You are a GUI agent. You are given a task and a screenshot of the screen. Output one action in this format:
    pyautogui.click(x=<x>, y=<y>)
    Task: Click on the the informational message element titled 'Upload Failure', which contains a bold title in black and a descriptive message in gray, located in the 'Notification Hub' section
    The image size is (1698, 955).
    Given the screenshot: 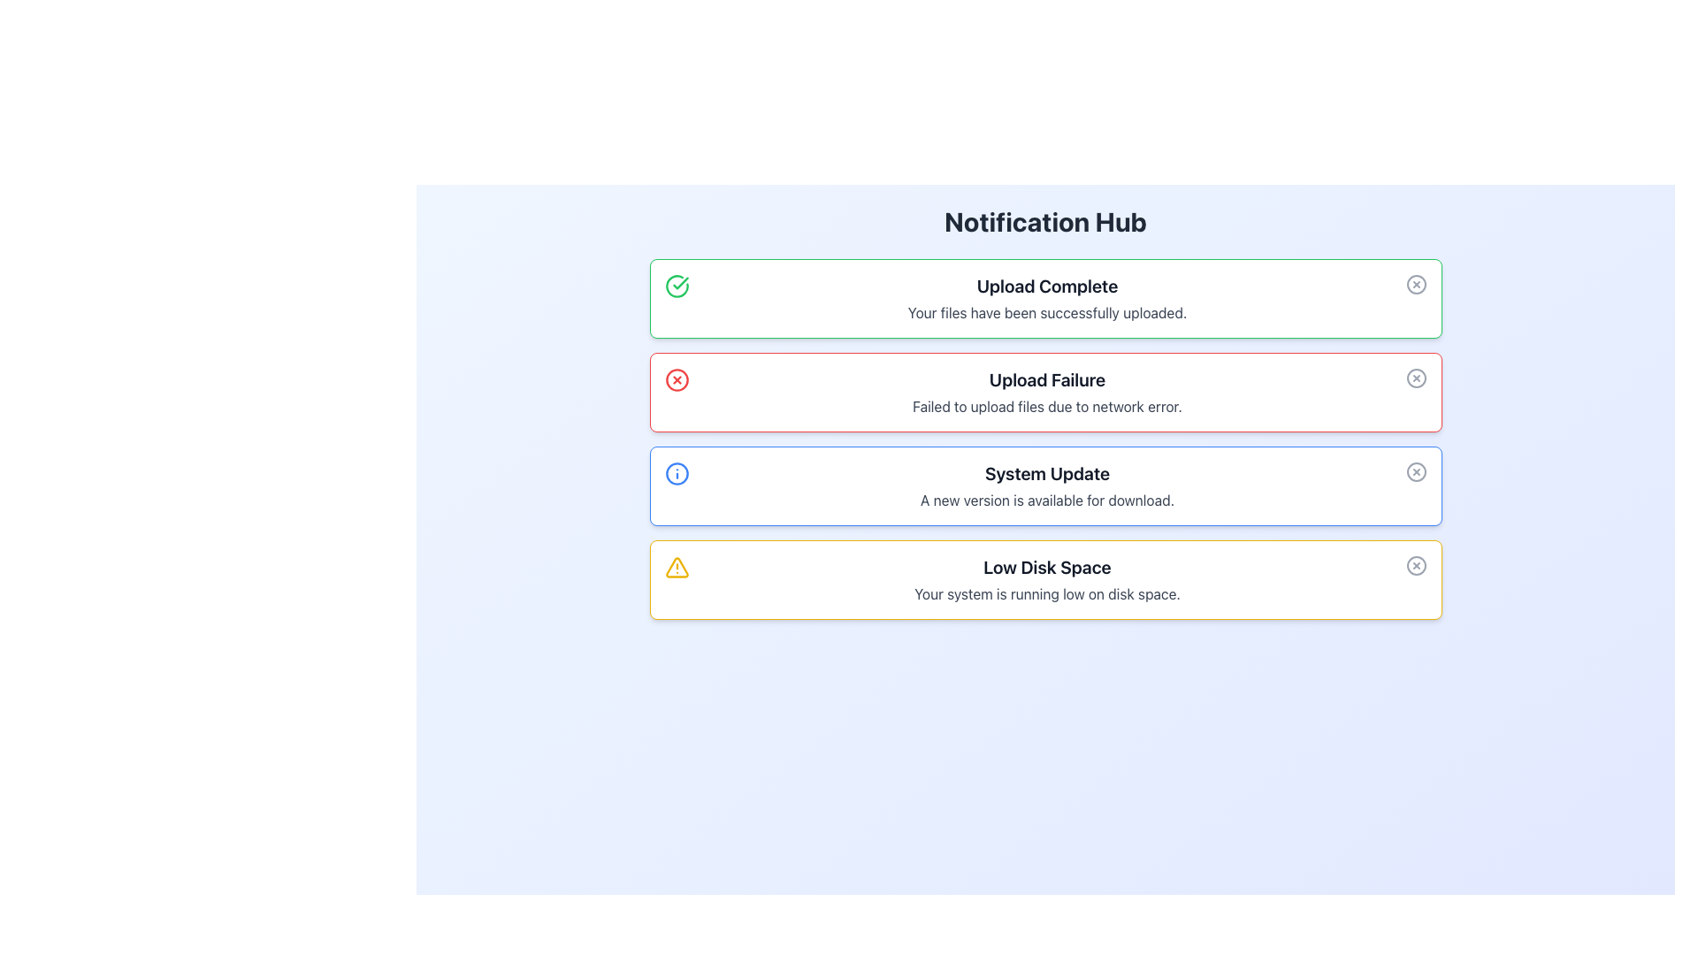 What is the action you would take?
    pyautogui.click(x=1047, y=391)
    